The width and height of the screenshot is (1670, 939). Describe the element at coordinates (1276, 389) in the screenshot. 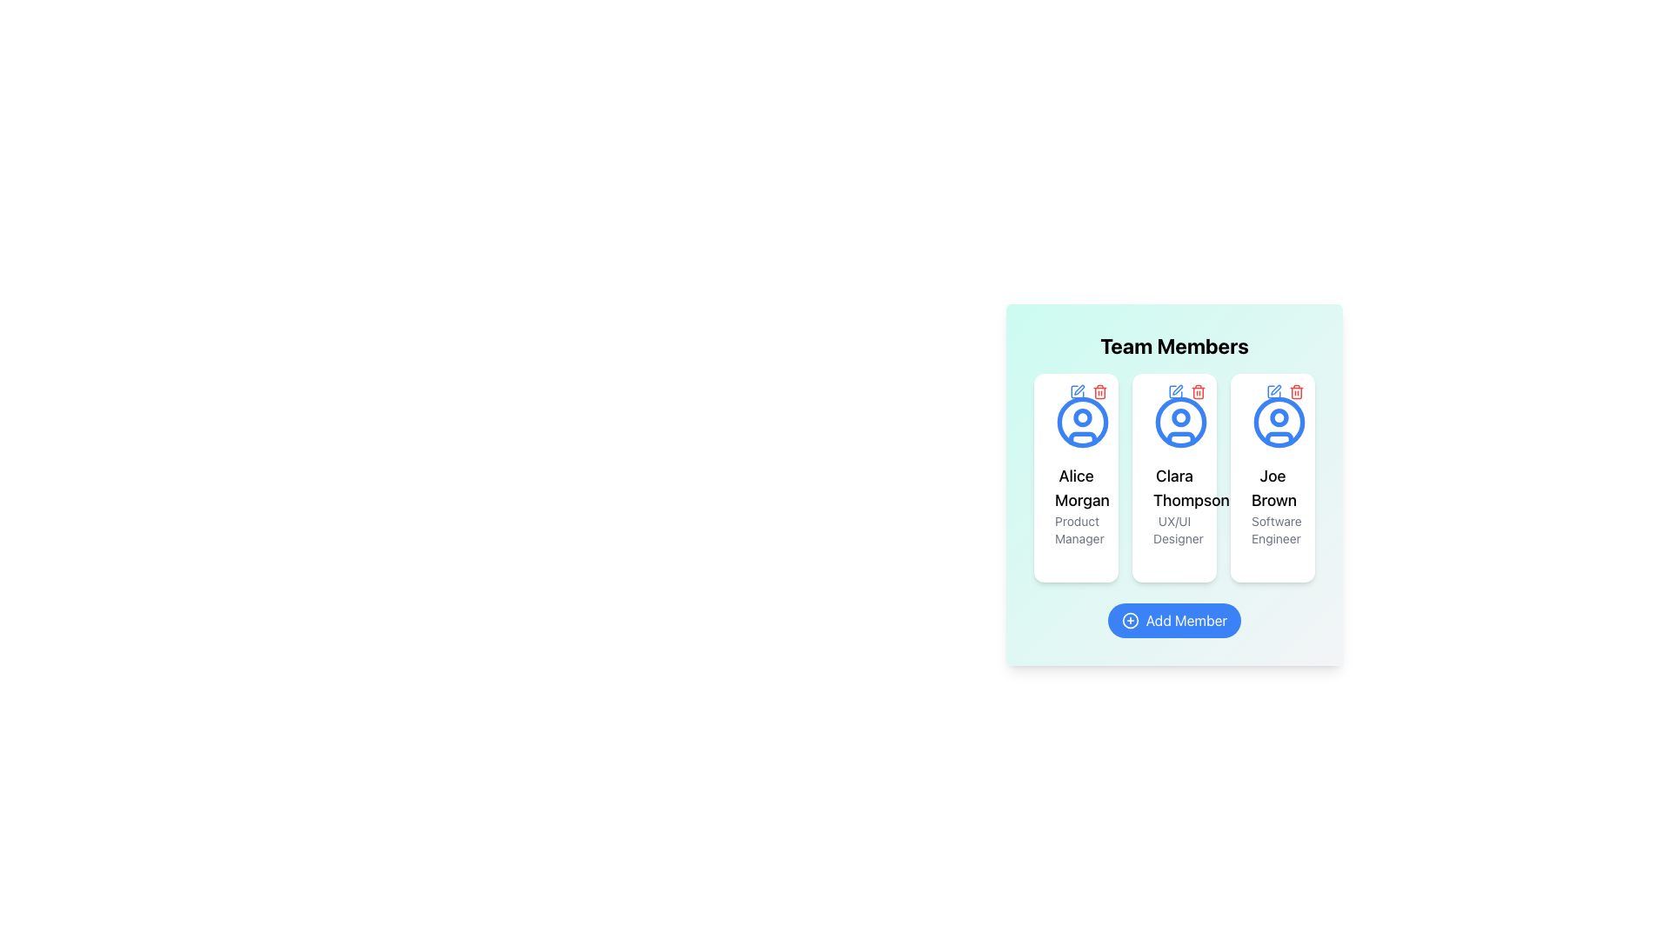

I see `the edit button (pen icon) located at the top-right of the user information card to initiate editing the user information` at that location.